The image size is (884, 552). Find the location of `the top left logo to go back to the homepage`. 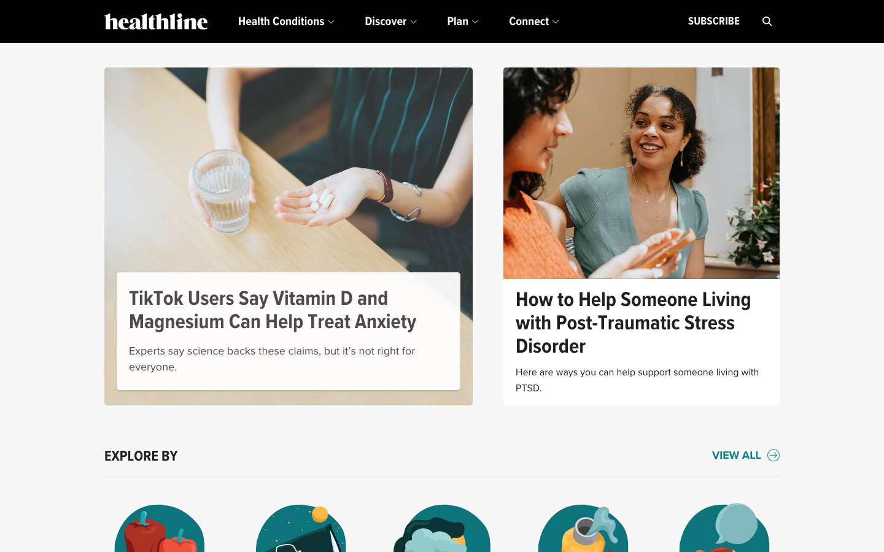

the top left logo to go back to the homepage is located at coordinates (155, 21).